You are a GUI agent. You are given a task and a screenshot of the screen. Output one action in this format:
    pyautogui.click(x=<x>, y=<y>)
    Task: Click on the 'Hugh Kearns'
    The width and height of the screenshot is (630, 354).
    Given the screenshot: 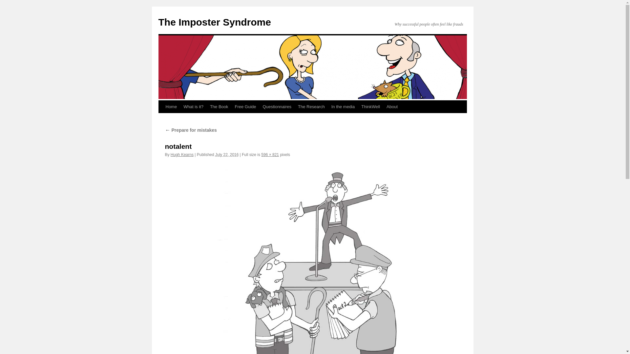 What is the action you would take?
    pyautogui.click(x=182, y=154)
    